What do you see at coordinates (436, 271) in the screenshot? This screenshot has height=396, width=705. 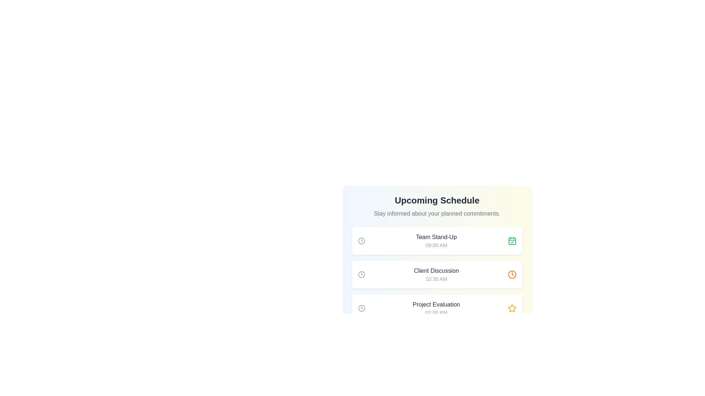 I see `the 'Client Discussion' text label, which informs the user of an event in the scheduling interface, positioned above '10:30 AM' and below 'Team Stand-Up'` at bounding box center [436, 271].